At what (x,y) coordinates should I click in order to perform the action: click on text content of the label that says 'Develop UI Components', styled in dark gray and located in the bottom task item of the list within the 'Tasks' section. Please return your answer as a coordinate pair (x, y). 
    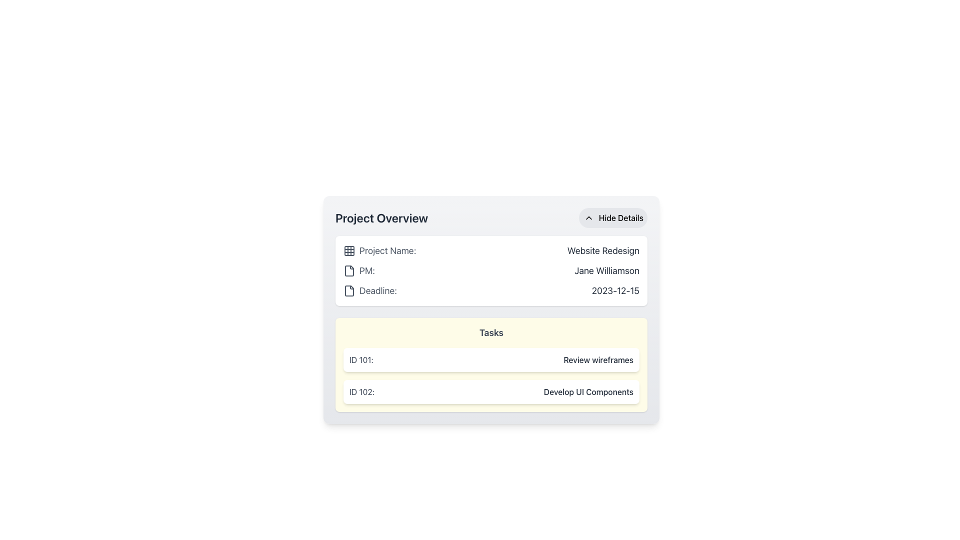
    Looking at the image, I should click on (588, 391).